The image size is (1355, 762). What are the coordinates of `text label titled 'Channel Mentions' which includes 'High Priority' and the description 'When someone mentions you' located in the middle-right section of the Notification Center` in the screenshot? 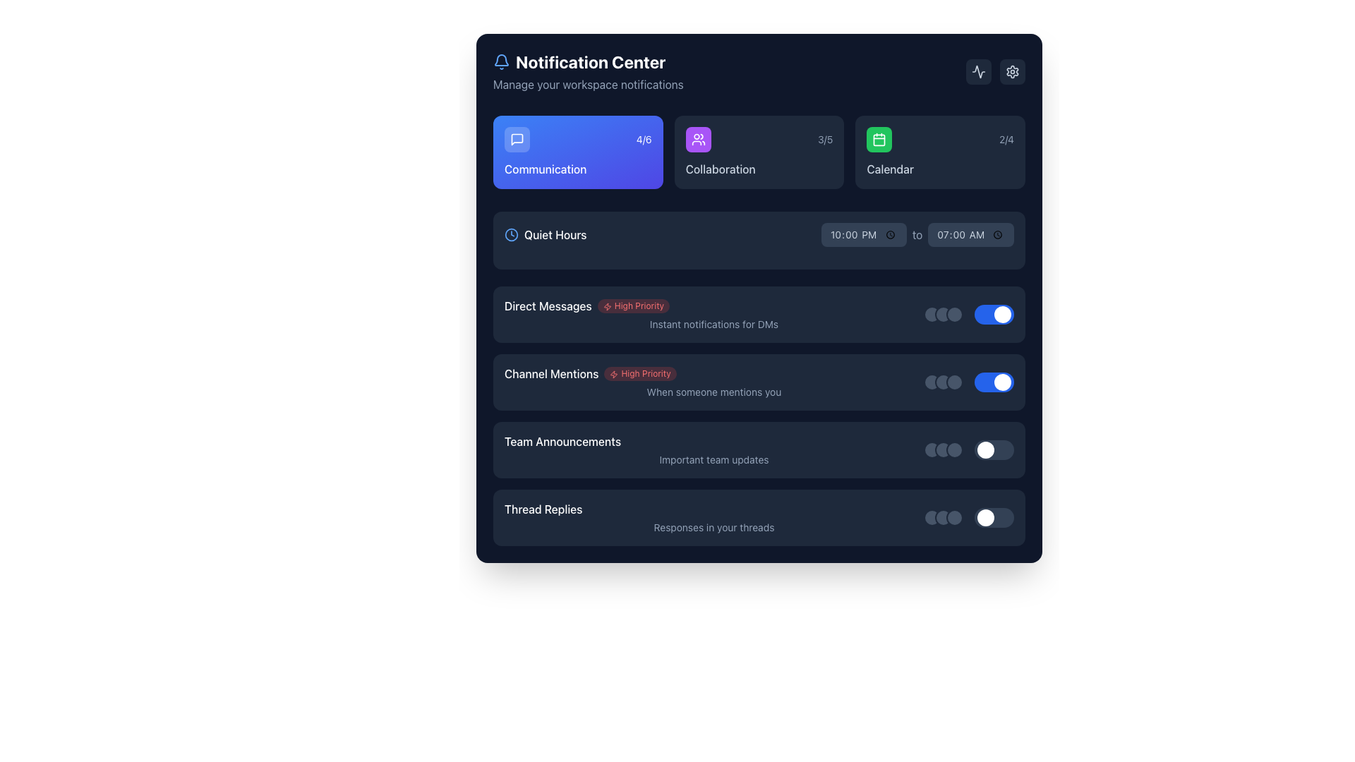 It's located at (714, 382).